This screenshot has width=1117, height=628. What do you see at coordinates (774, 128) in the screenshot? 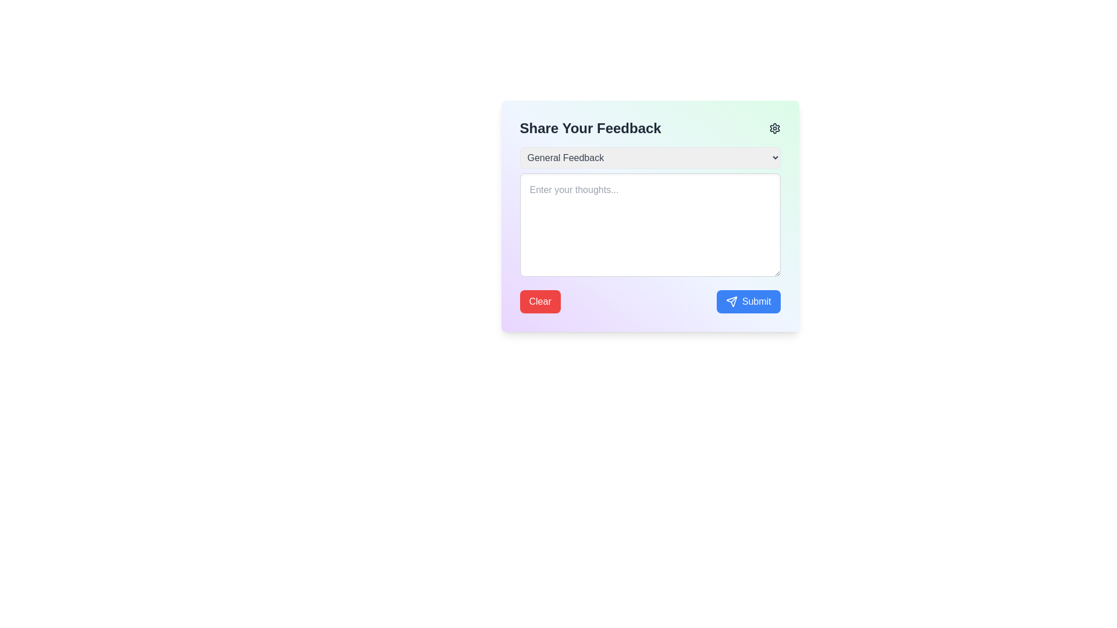
I see `the settings icon, which is a small cogwheel icon with a black outline located at the top-right corner of the 'Share Your Feedback' section` at bounding box center [774, 128].